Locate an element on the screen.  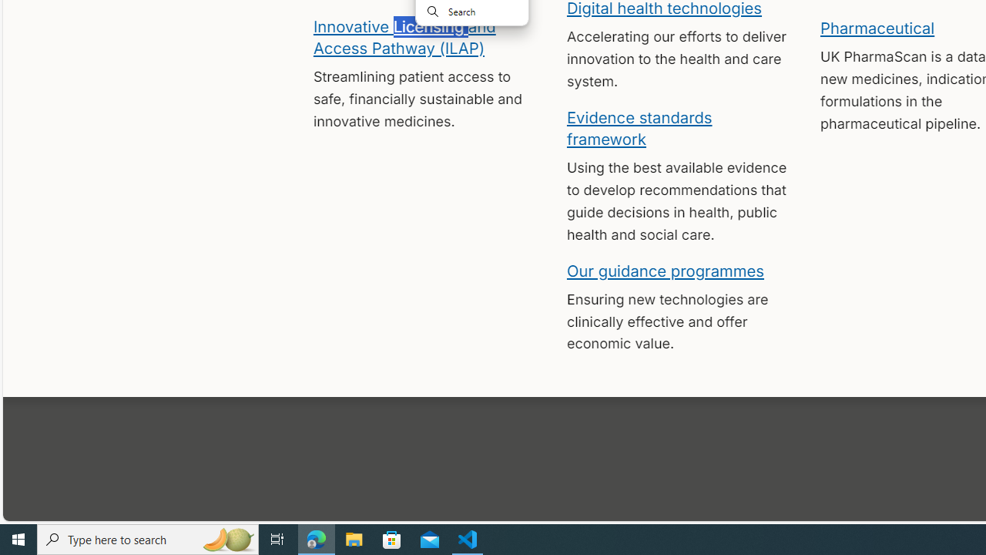
'Innovative Licensing and Access Pathway (ILAP)' is located at coordinates (404, 35).